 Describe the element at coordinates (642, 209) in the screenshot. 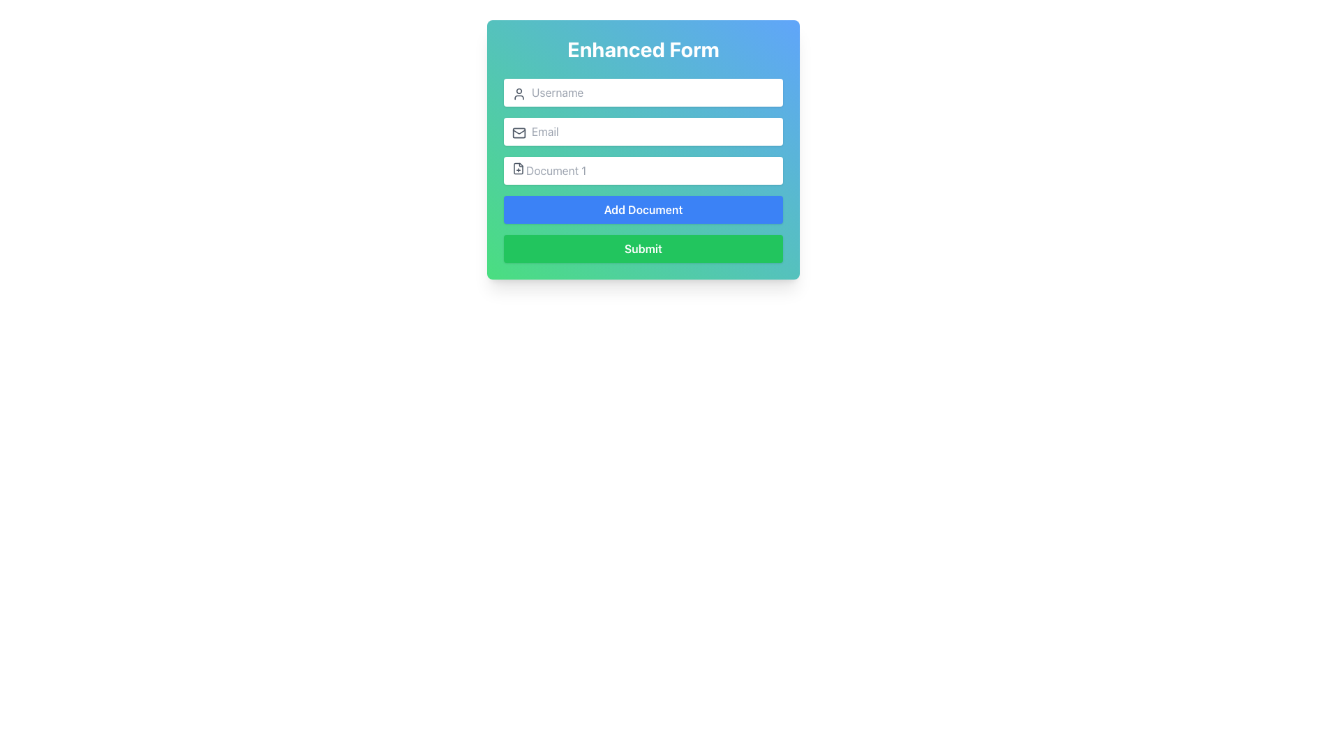

I see `the rectangular button with rounded edges, blue background, and white bold text reading 'Add Document'` at that location.